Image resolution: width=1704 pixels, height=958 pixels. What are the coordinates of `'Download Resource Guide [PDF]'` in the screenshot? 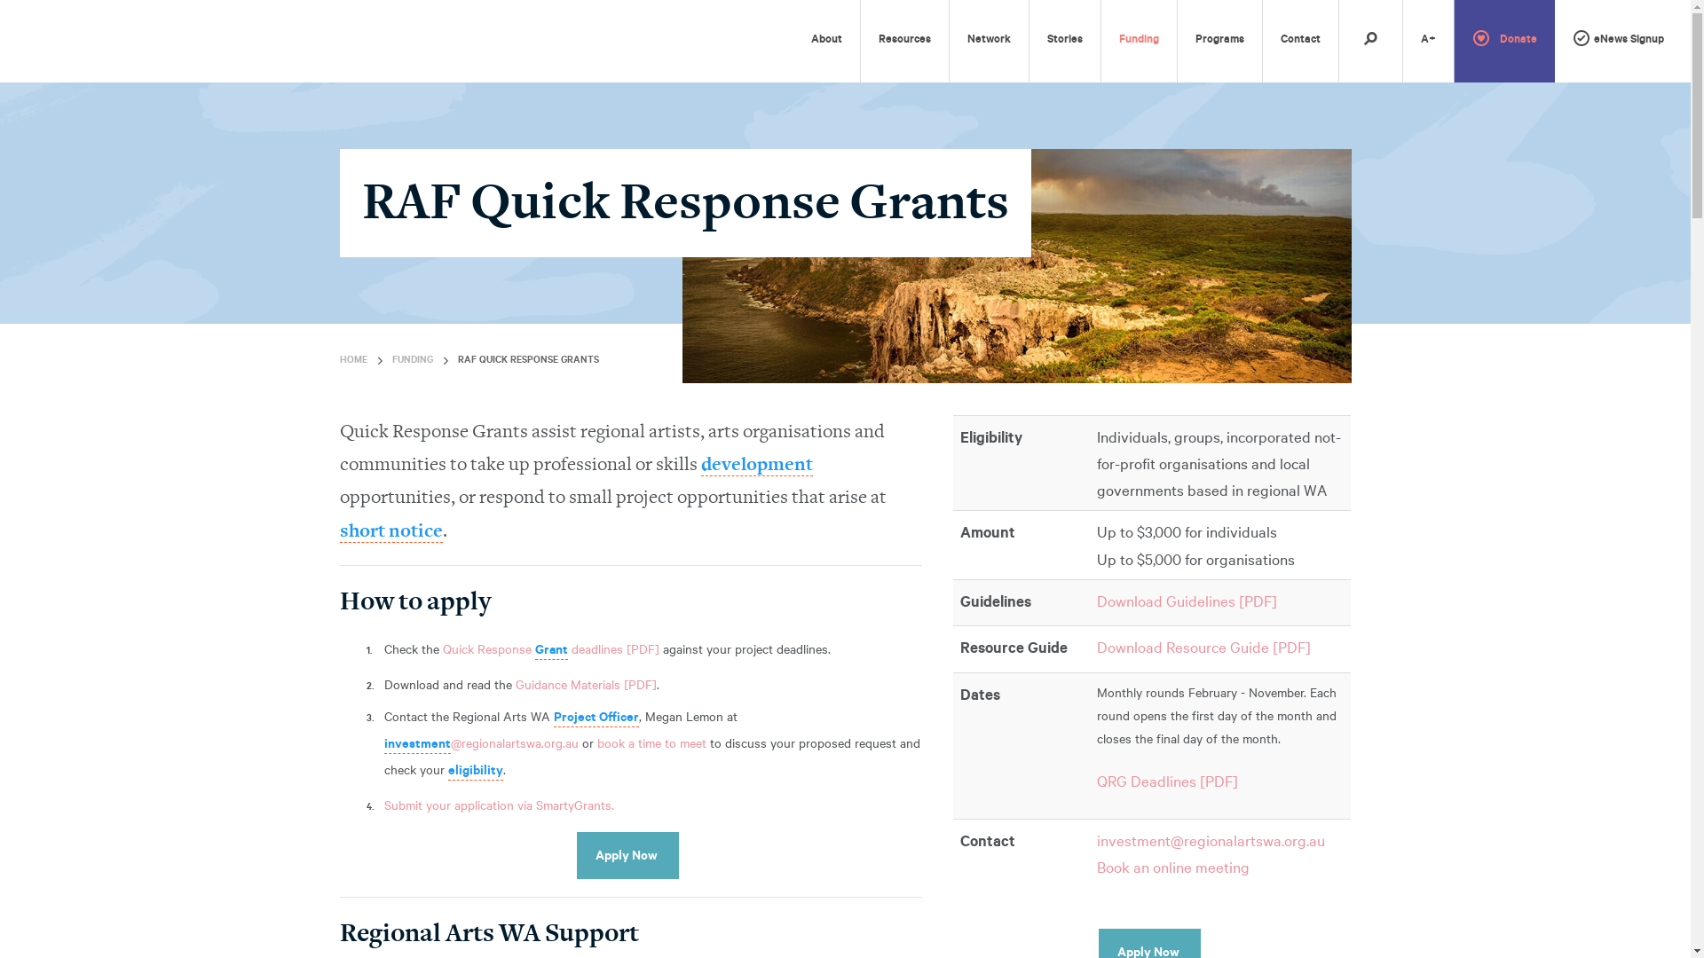 It's located at (1203, 646).